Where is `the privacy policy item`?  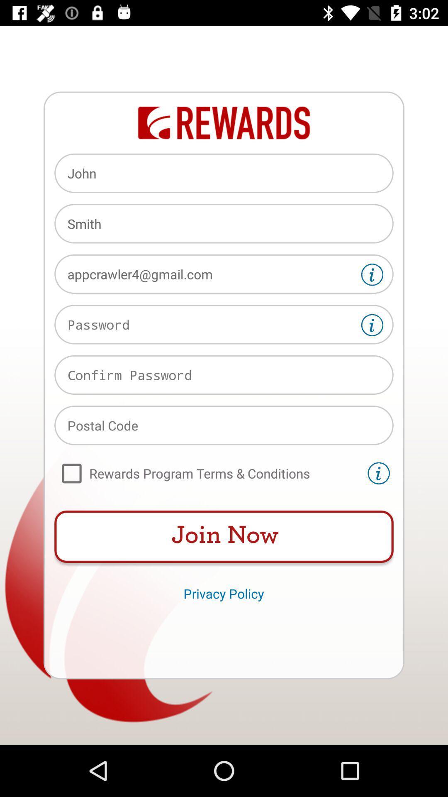 the privacy policy item is located at coordinates (223, 593).